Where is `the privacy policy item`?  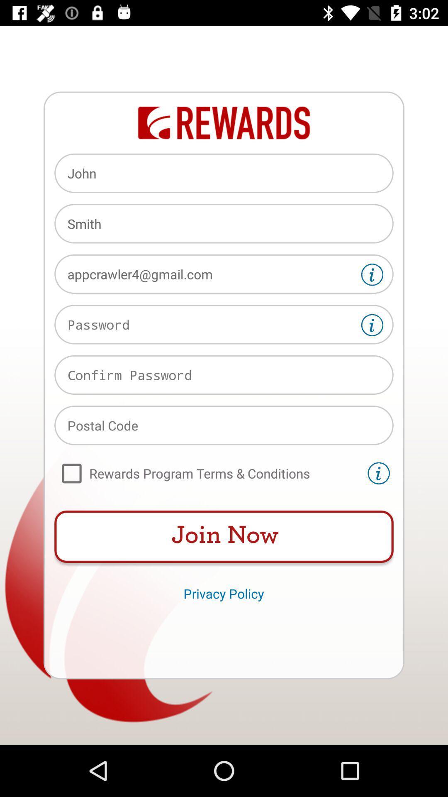 the privacy policy item is located at coordinates (223, 593).